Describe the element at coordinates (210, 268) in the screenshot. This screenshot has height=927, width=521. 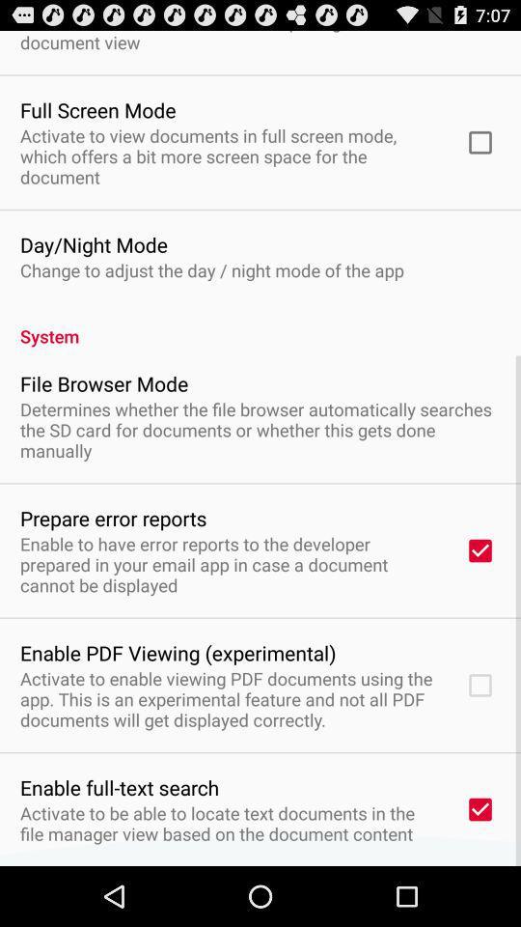
I see `the item below day/night mode` at that location.